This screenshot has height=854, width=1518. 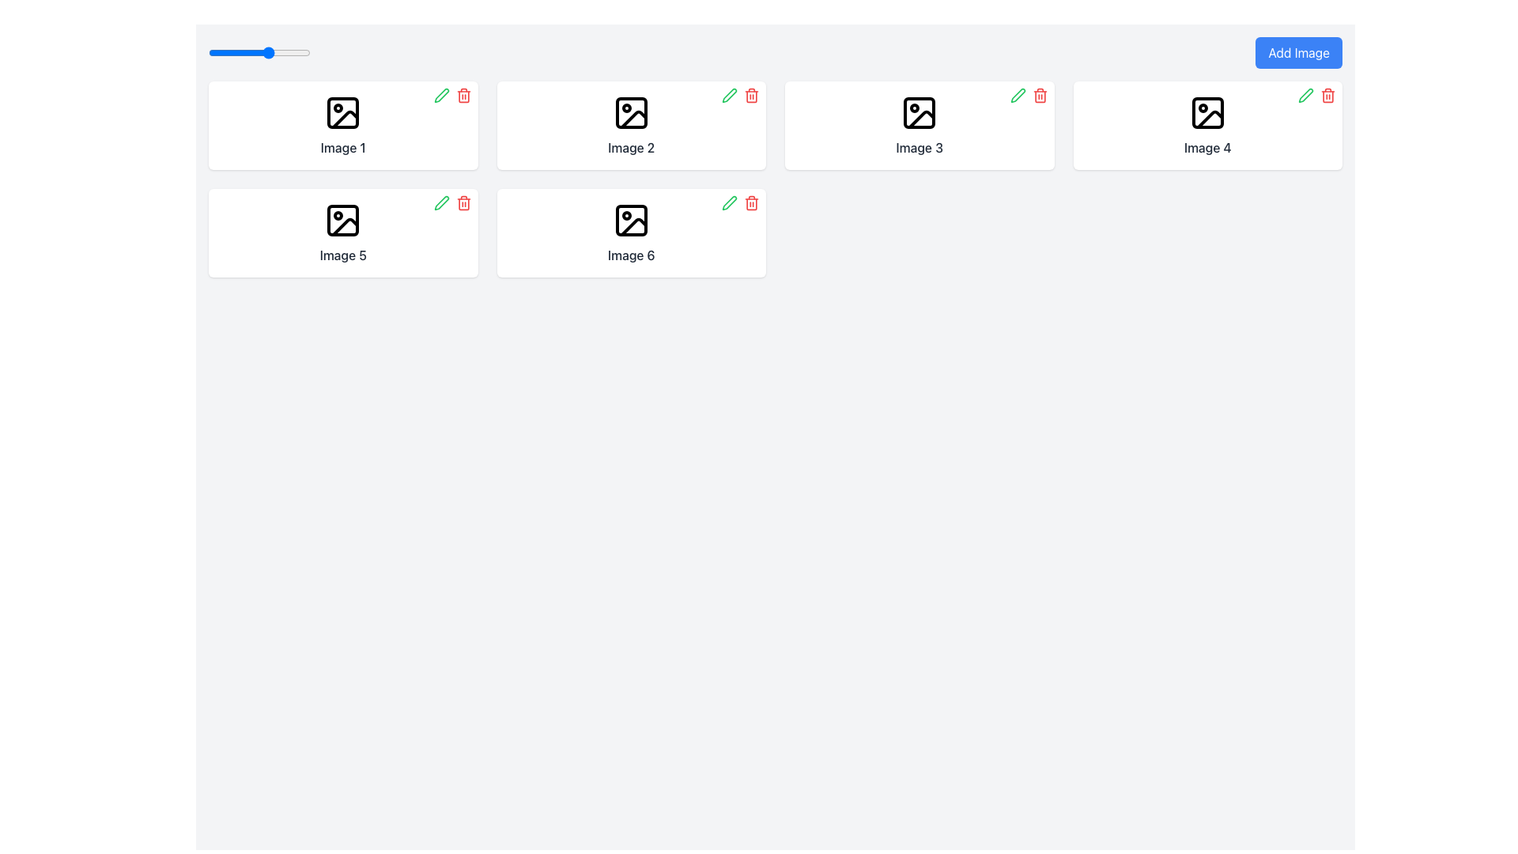 What do you see at coordinates (630, 220) in the screenshot?
I see `the icon representing an image placeholder located within the 'Image 6' card, situated in the bottom-right of a 2x3 grid layout` at bounding box center [630, 220].